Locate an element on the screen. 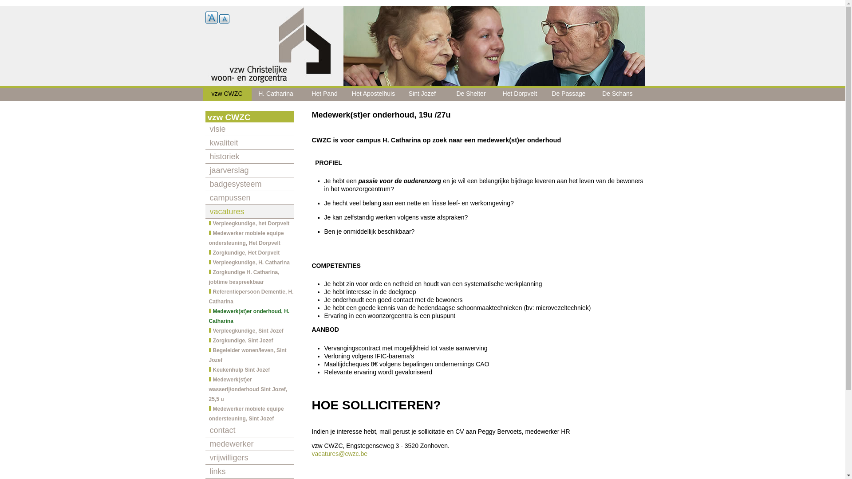  'De Passage' is located at coordinates (543, 94).